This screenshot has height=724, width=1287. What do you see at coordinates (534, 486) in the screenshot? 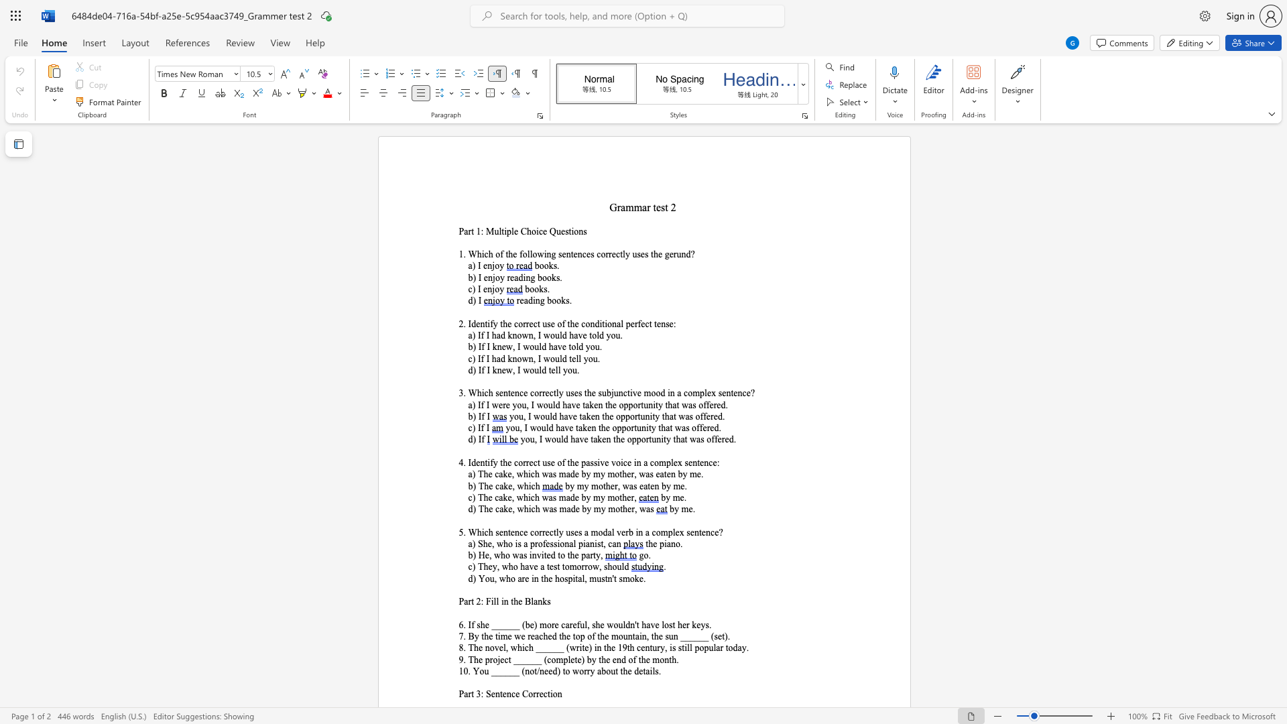
I see `the space between the continuous character "c" and "h" in the text` at bounding box center [534, 486].